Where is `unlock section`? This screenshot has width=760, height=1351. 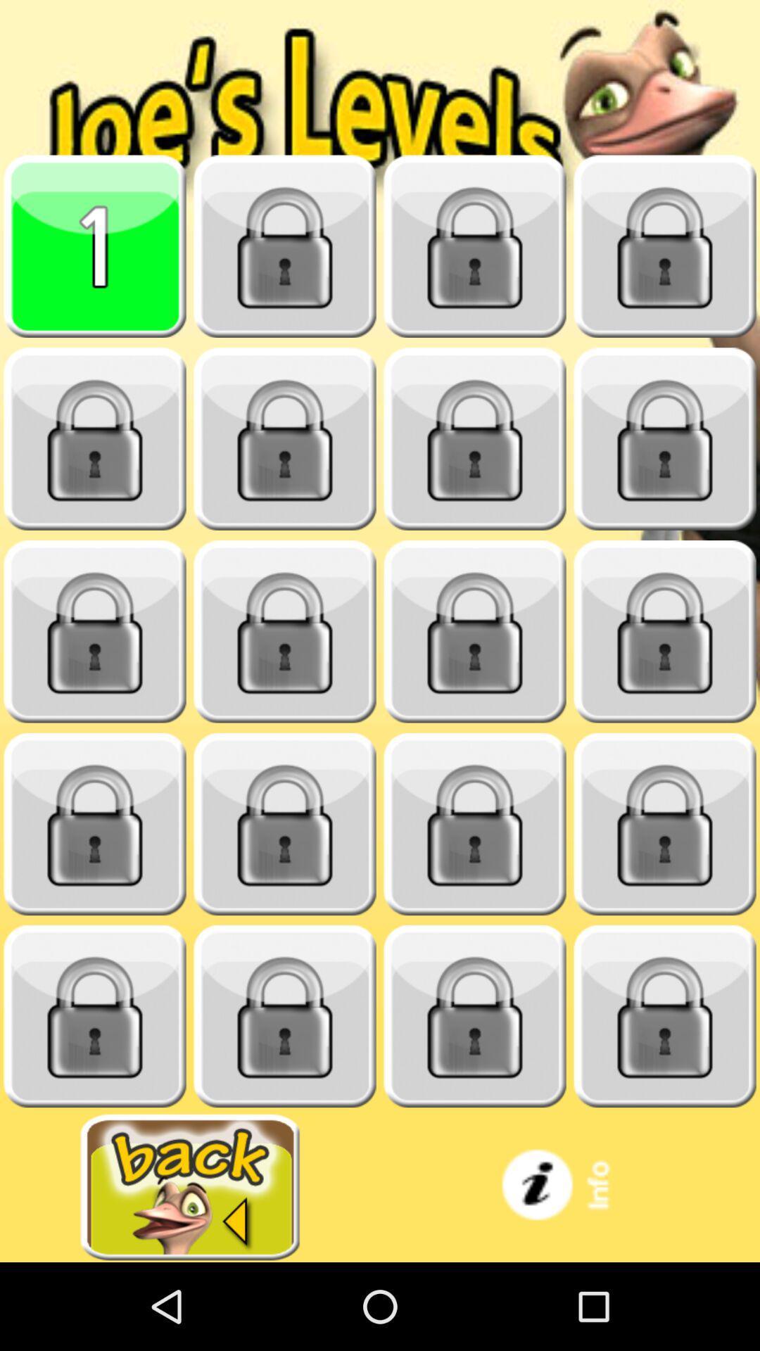 unlock section is located at coordinates (285, 824).